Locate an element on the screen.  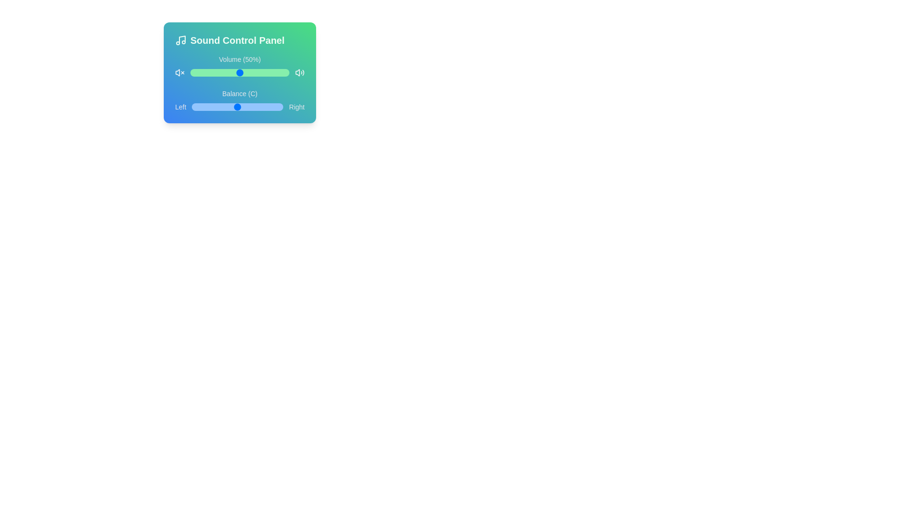
the volume slider is located at coordinates (245, 72).